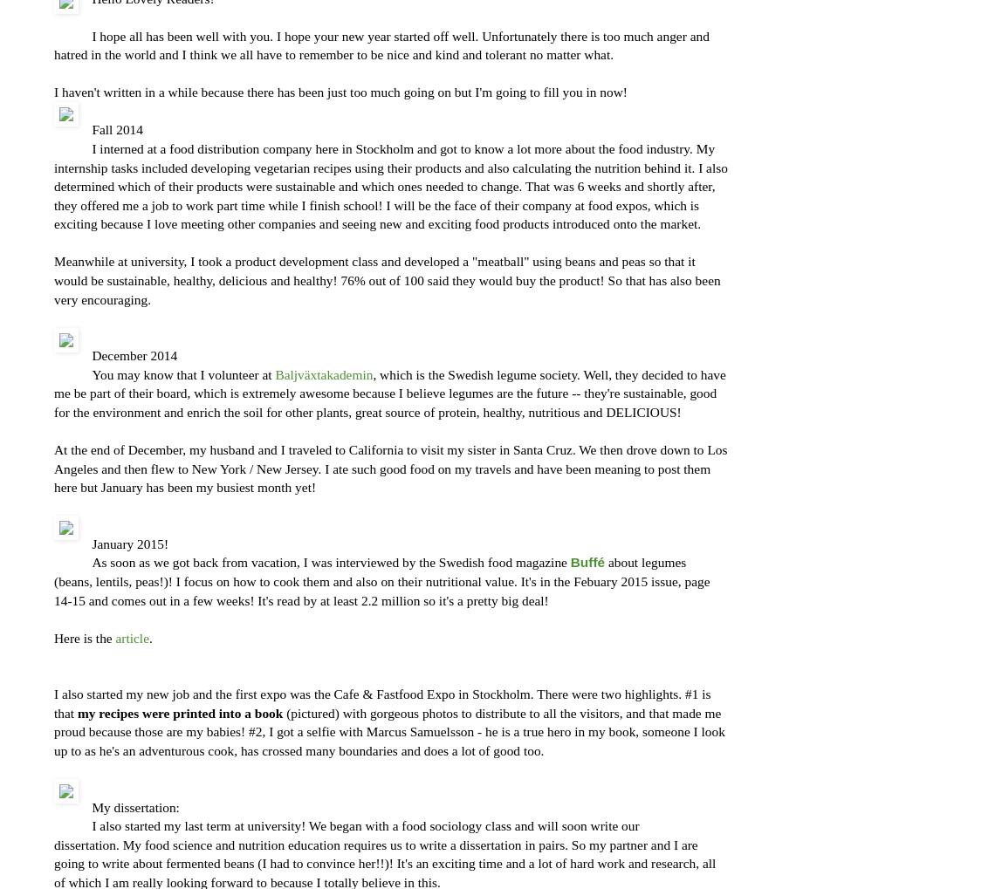 The height and width of the screenshot is (889, 1002). I want to click on 'article', so click(131, 637).